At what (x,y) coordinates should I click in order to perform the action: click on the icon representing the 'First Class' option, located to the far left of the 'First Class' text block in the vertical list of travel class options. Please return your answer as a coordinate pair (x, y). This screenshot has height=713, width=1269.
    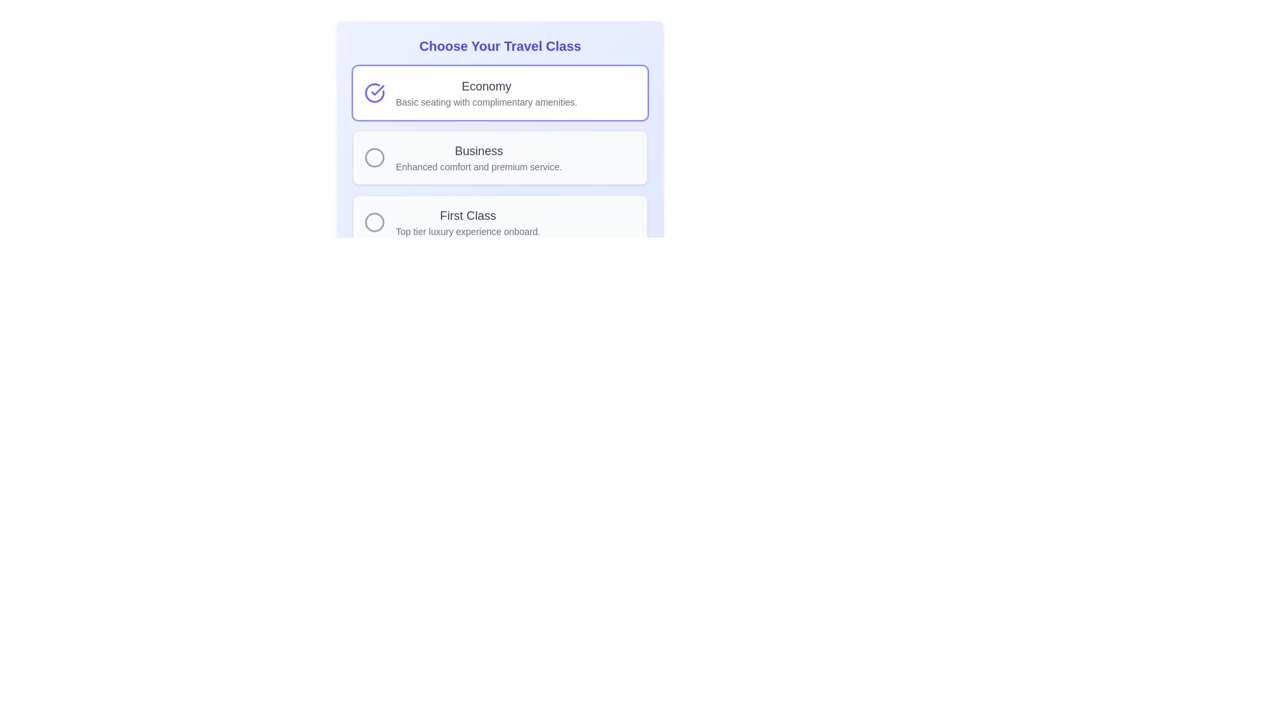
    Looking at the image, I should click on (379, 221).